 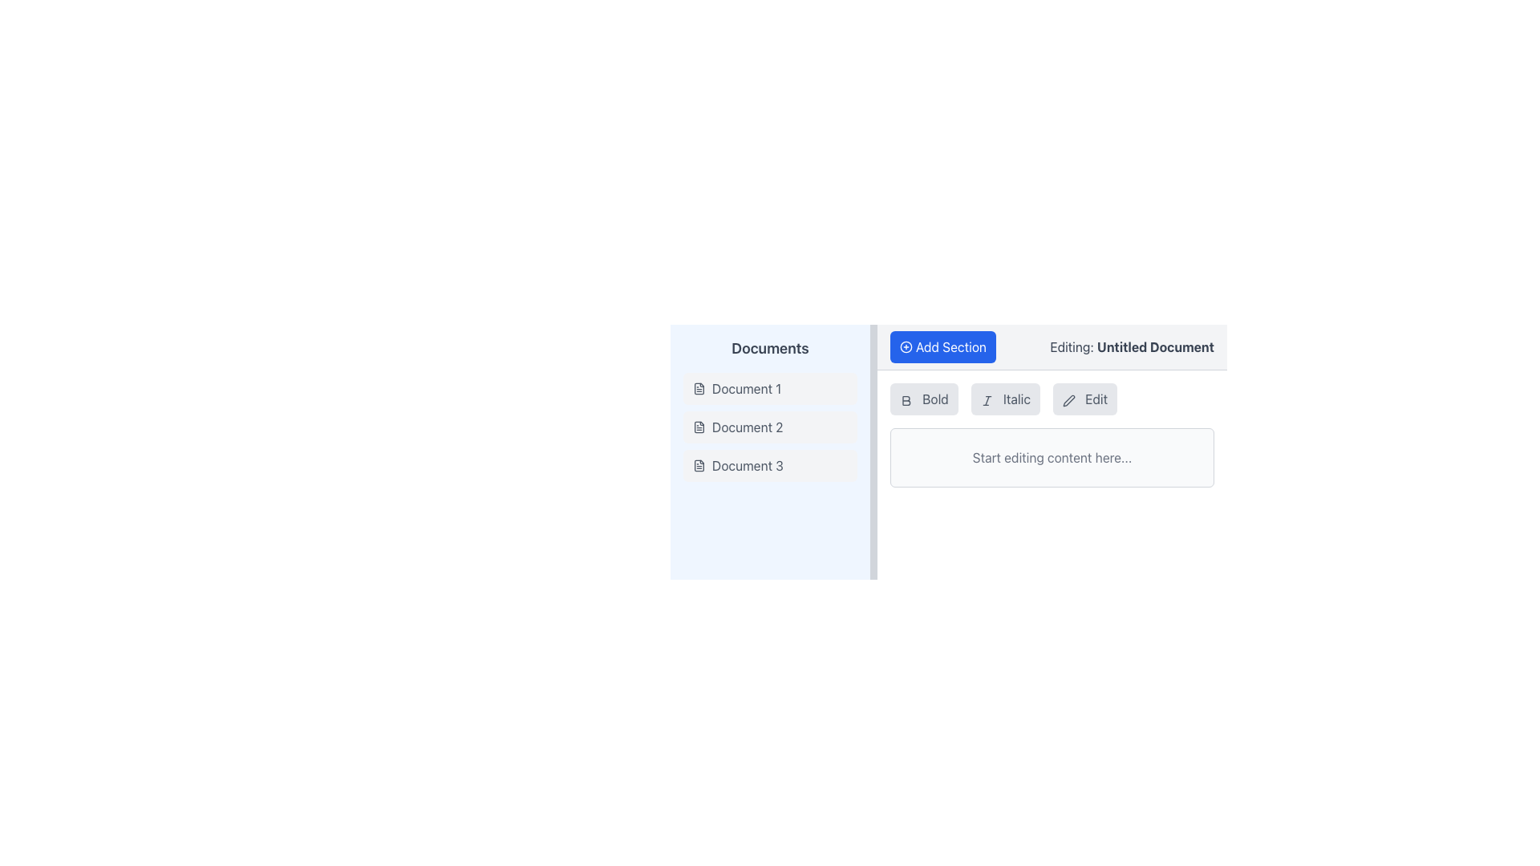 What do you see at coordinates (770, 389) in the screenshot?
I see `the 'Document 1' button, which is a horizontally aligned rectangular item with rounded corners` at bounding box center [770, 389].